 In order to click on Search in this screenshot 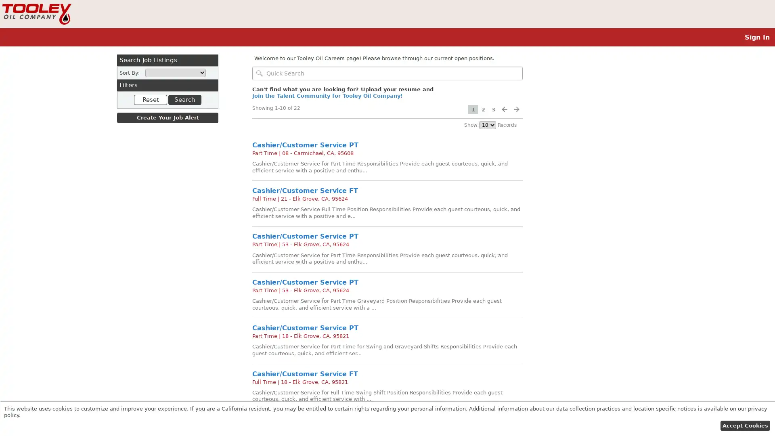, I will do `click(184, 99)`.